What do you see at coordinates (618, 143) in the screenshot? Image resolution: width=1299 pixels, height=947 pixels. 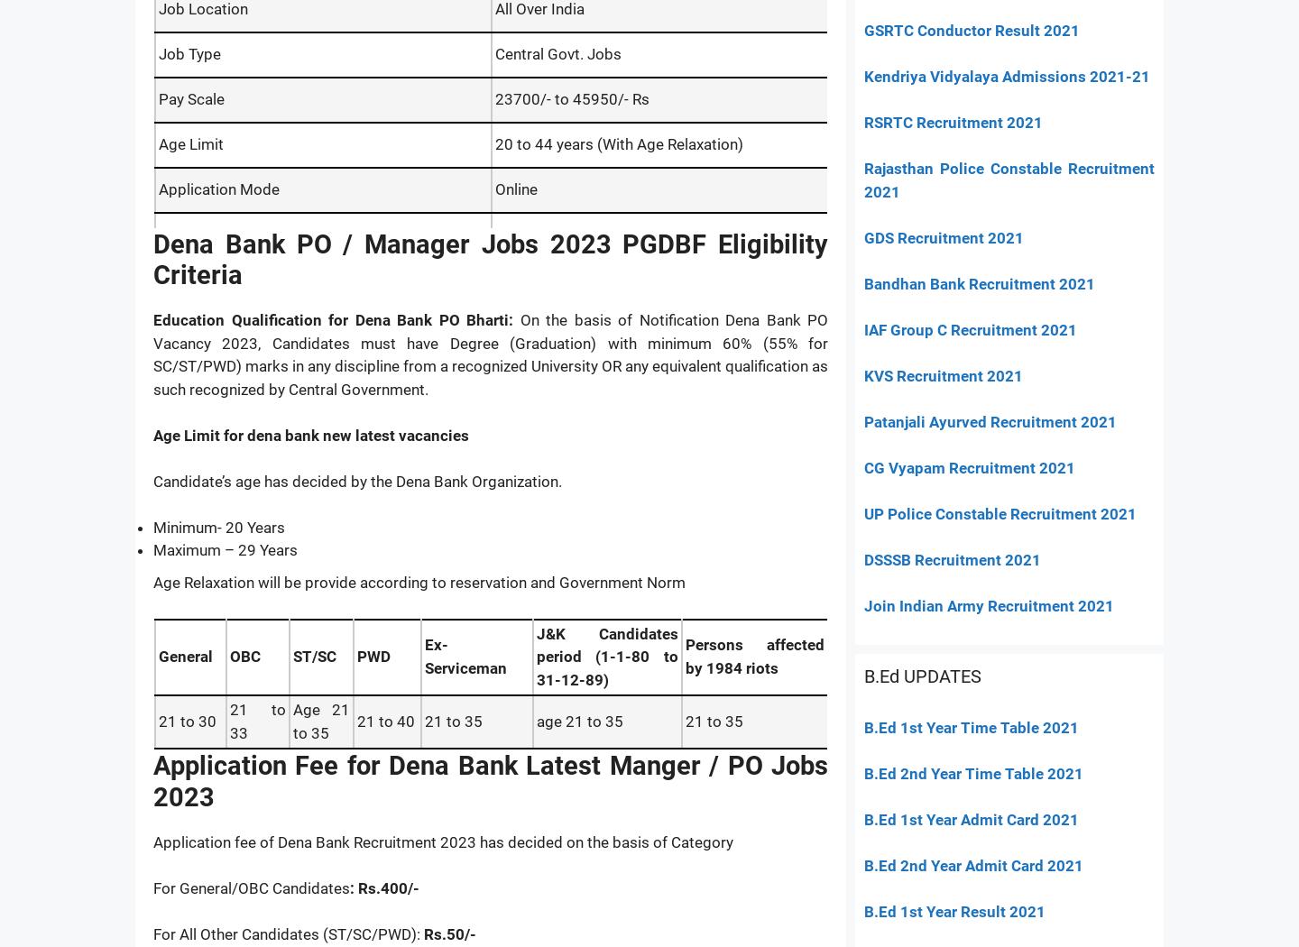 I see `'20 to 44 years (With Age Relaxation)'` at bounding box center [618, 143].